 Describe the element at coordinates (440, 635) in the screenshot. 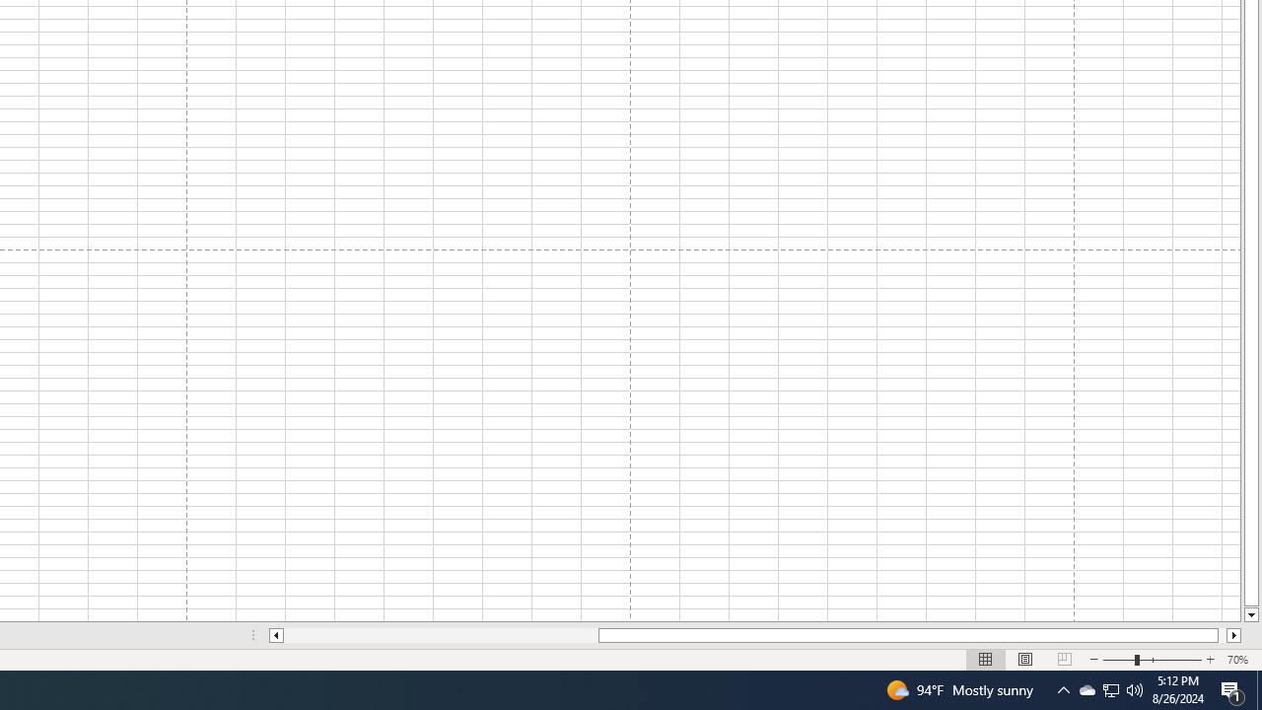

I see `'Page left'` at that location.